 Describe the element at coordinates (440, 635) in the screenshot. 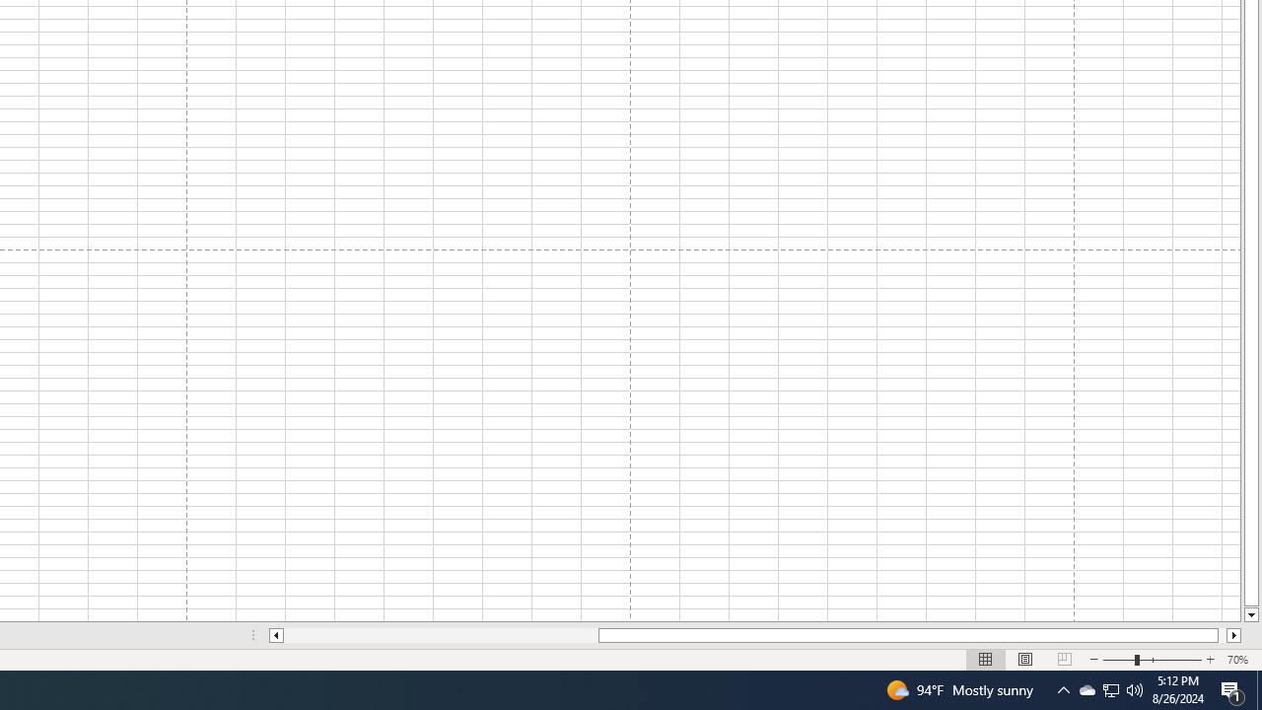

I see `'Page left'` at that location.